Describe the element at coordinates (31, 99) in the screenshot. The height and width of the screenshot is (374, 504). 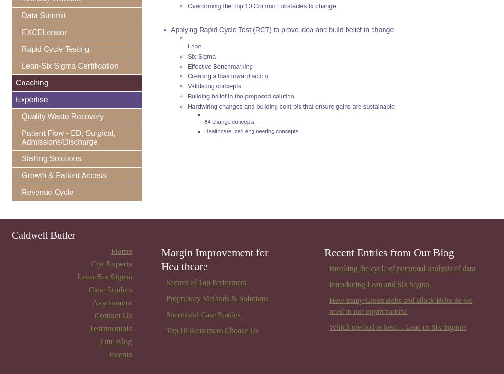
I see `'Expertise'` at that location.